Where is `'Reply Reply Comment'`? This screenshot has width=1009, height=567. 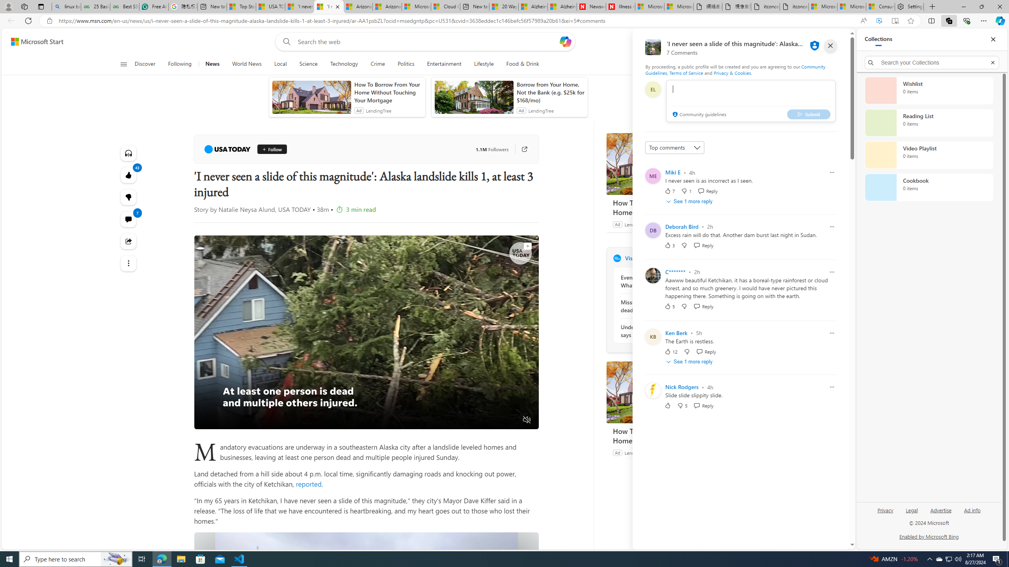
'Reply Reply Comment' is located at coordinates (704, 406).